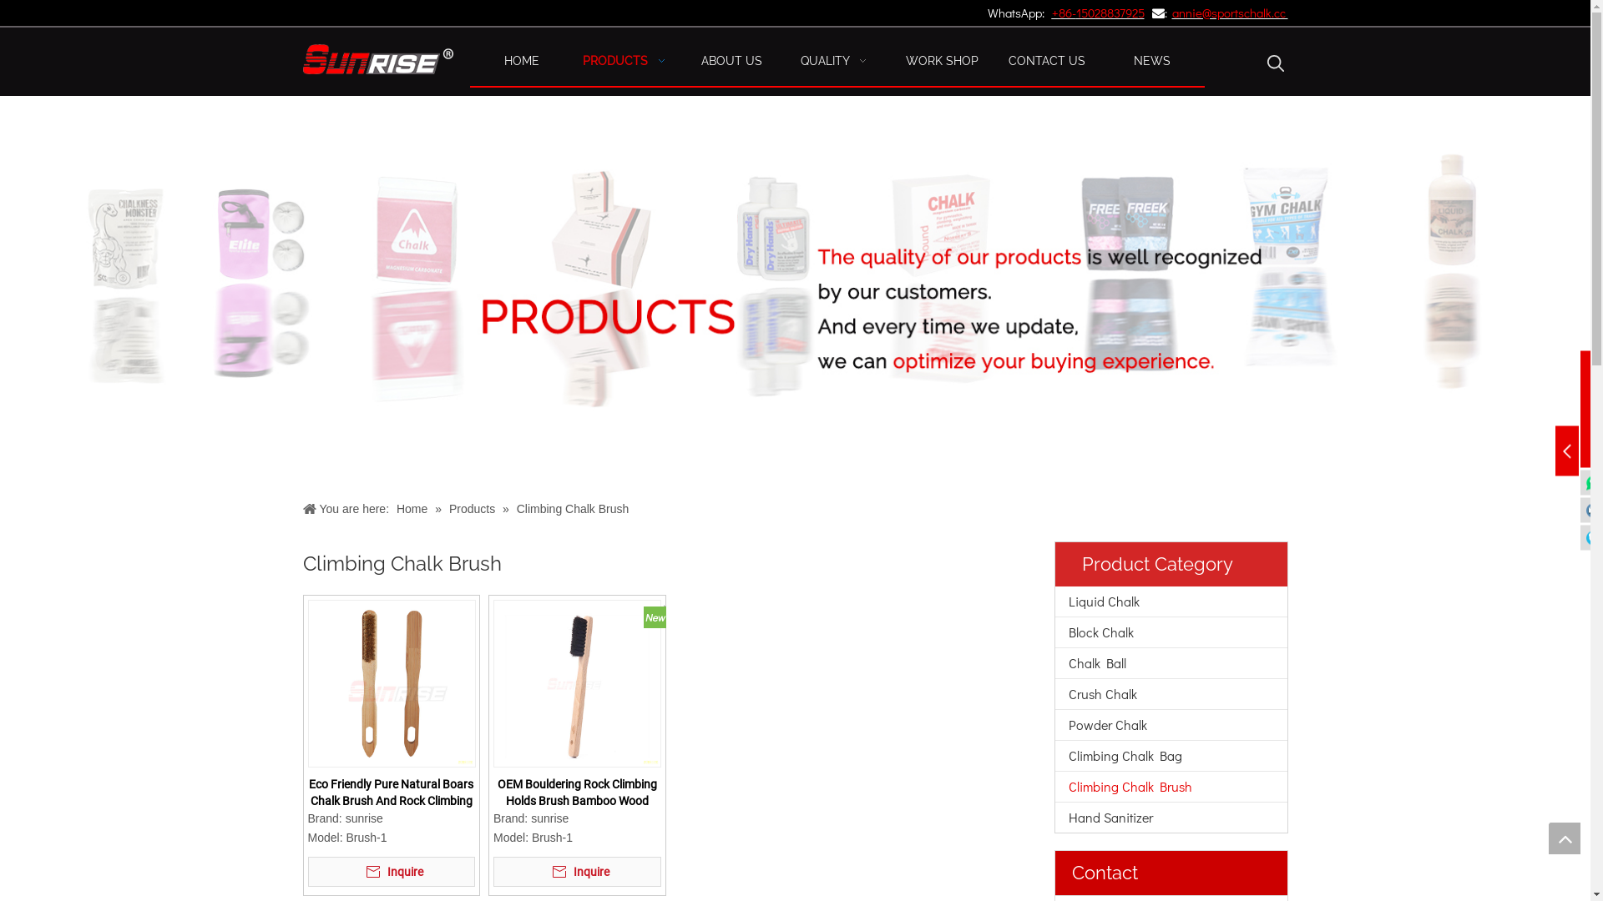 The width and height of the screenshot is (1603, 901). What do you see at coordinates (473, 507) in the screenshot?
I see `'Products'` at bounding box center [473, 507].